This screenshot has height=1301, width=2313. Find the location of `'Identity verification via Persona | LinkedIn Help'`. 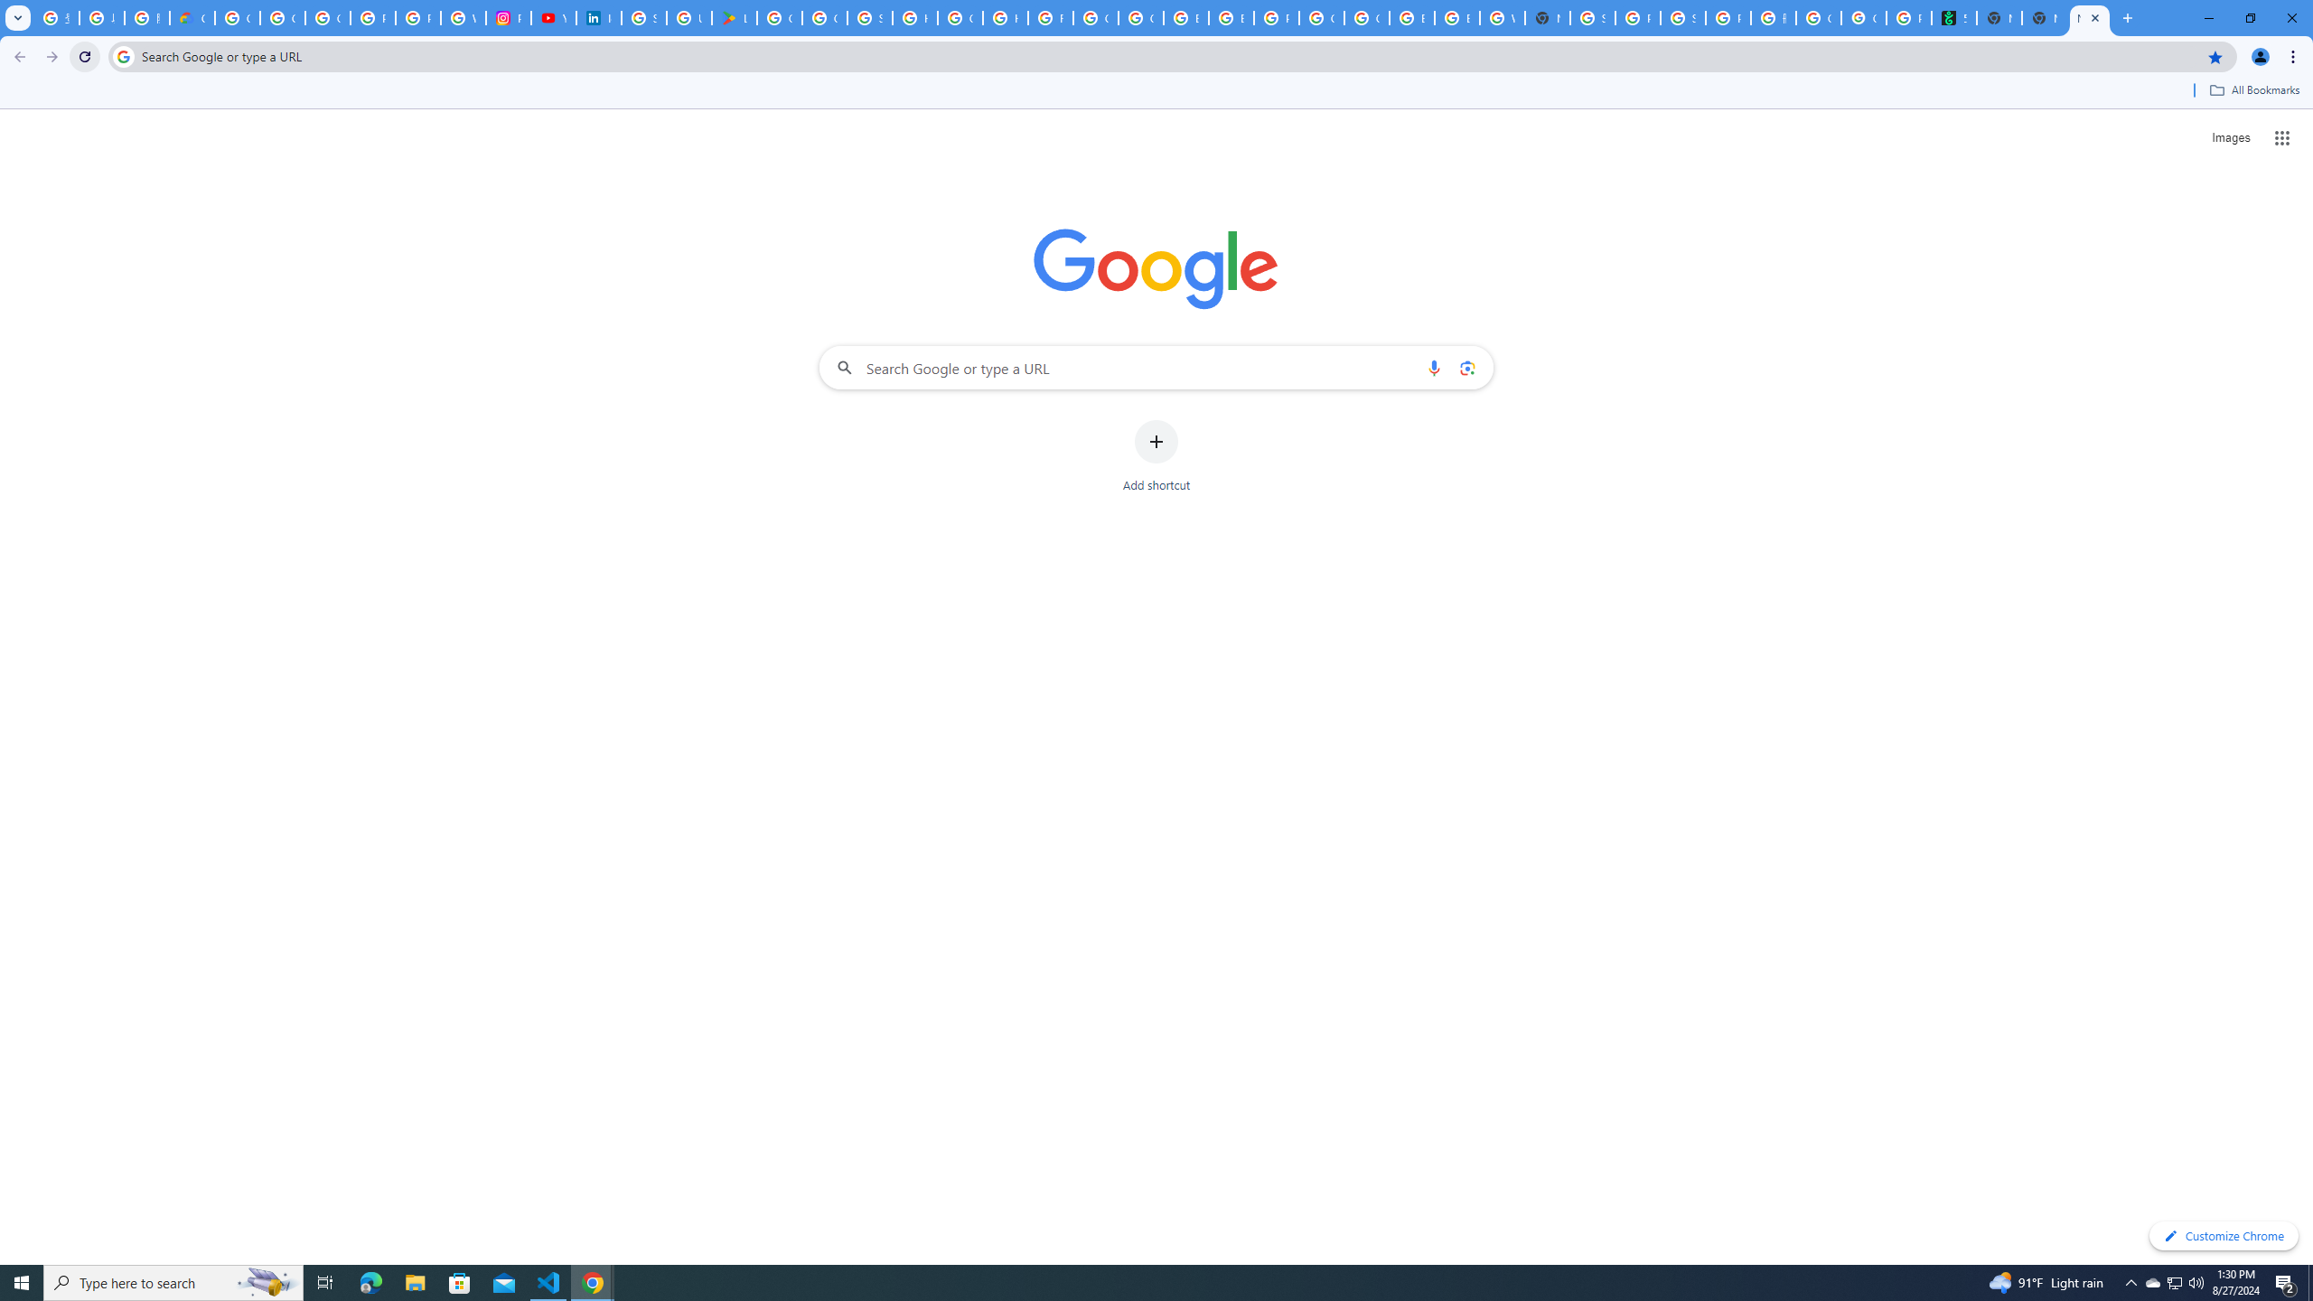

'Identity verification via Persona | LinkedIn Help' is located at coordinates (599, 17).